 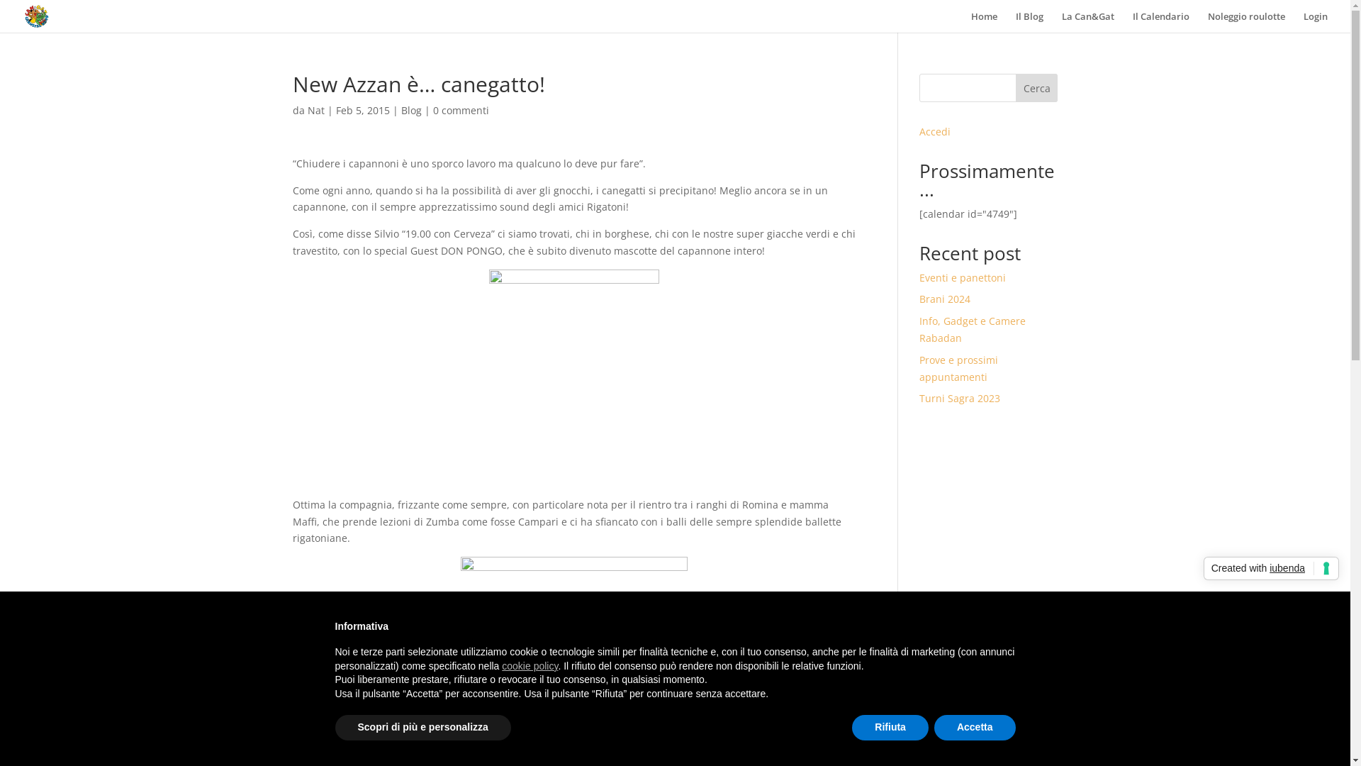 What do you see at coordinates (1029, 21) in the screenshot?
I see `'Il Blog'` at bounding box center [1029, 21].